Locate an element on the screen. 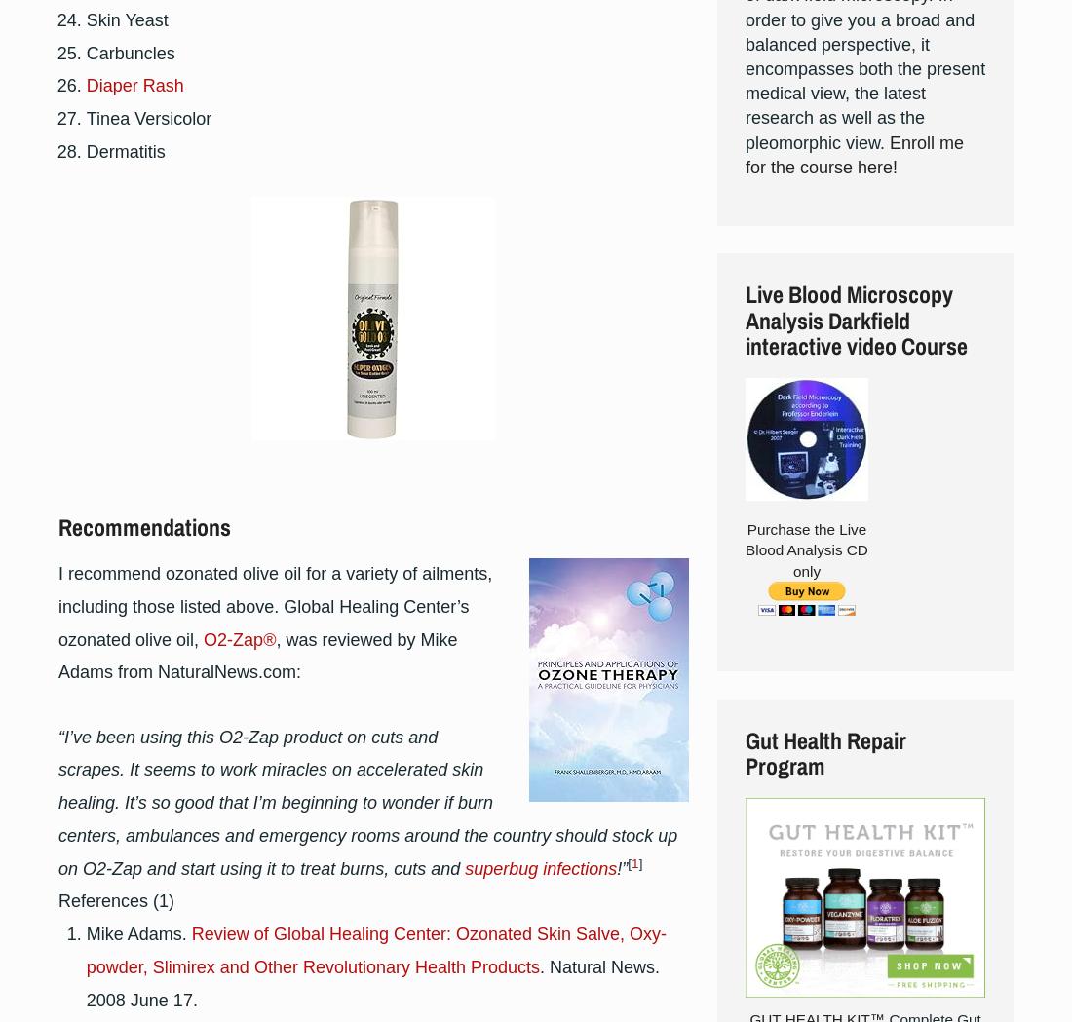 Image resolution: width=1072 pixels, height=1022 pixels. 'Purchase the Live Blood Analysis CD only' is located at coordinates (805, 549).